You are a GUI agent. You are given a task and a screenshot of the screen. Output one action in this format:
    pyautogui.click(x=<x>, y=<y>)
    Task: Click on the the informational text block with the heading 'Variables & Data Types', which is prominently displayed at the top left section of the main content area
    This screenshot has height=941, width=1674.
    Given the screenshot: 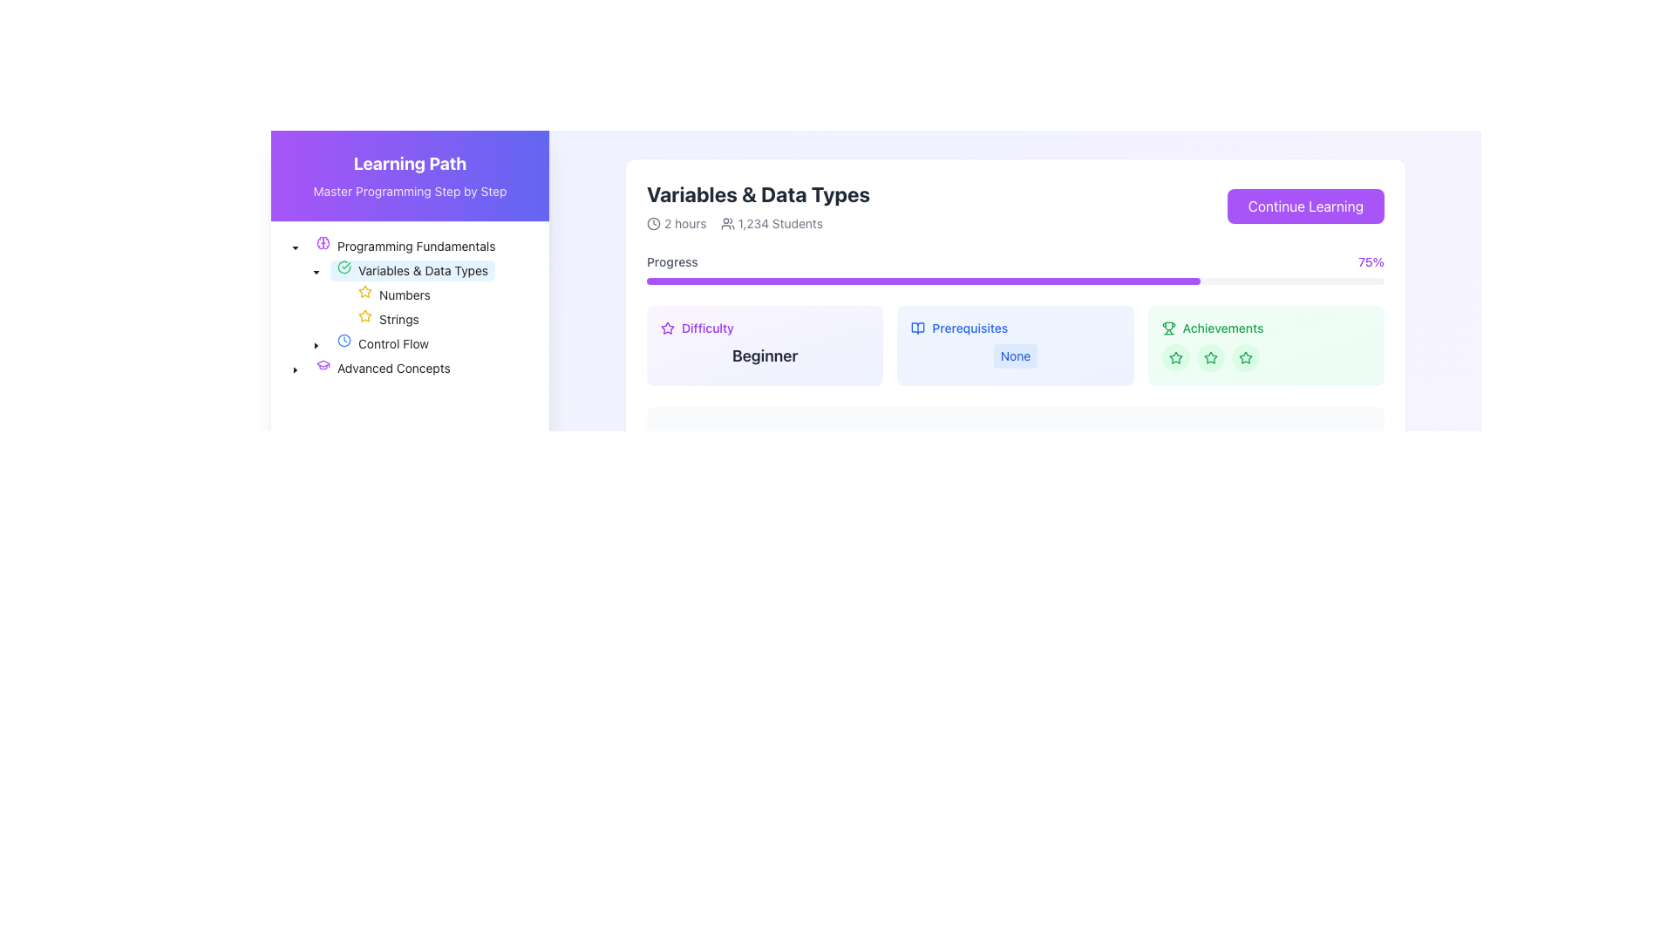 What is the action you would take?
    pyautogui.click(x=759, y=205)
    